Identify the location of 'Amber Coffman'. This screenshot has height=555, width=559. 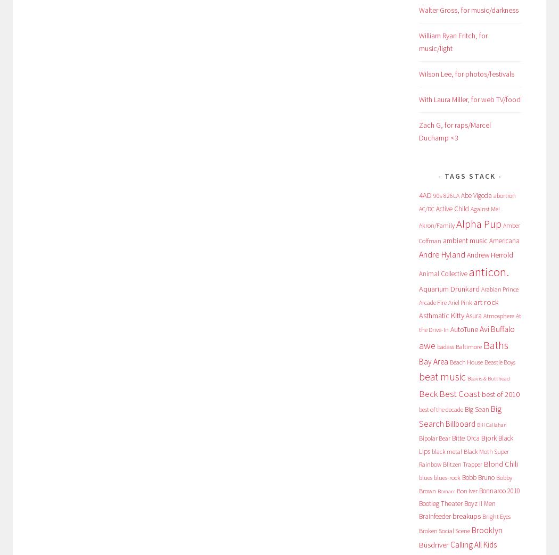
(418, 233).